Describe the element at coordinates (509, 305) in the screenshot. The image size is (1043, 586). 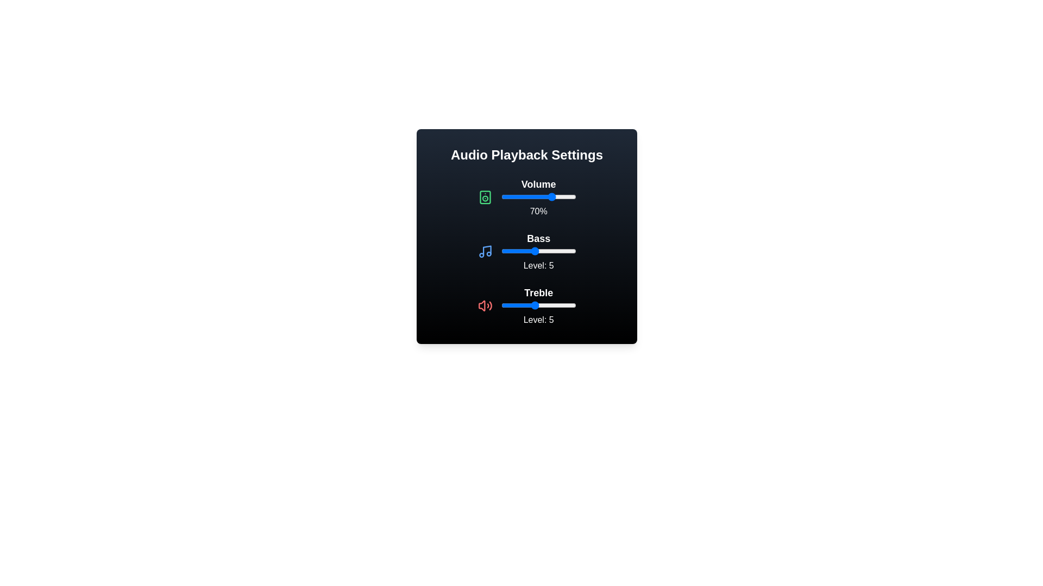
I see `the treble level` at that location.